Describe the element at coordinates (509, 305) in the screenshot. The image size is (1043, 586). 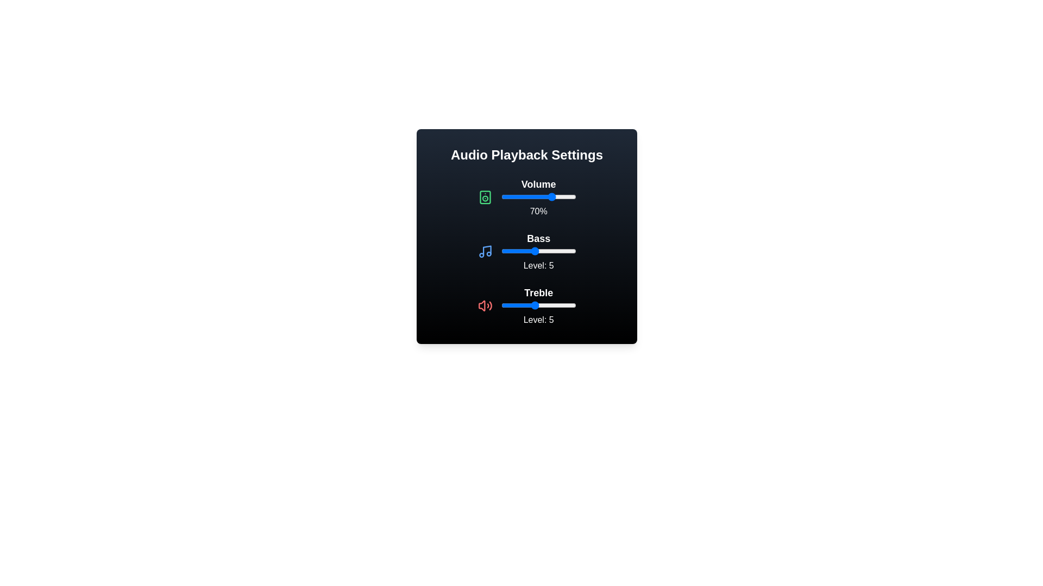
I see `the treble level` at that location.